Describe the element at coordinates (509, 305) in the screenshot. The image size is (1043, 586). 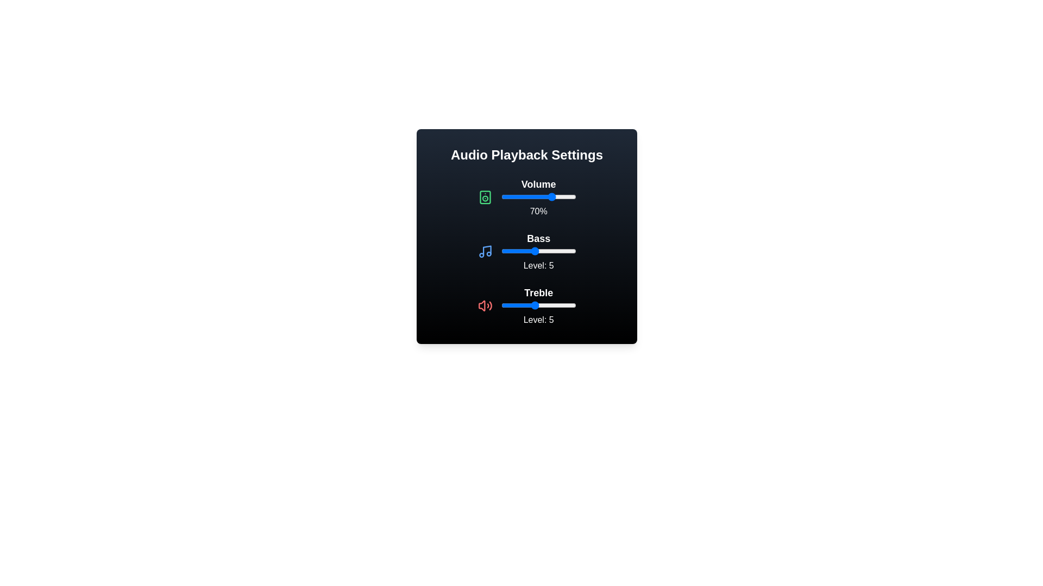
I see `the treble level` at that location.